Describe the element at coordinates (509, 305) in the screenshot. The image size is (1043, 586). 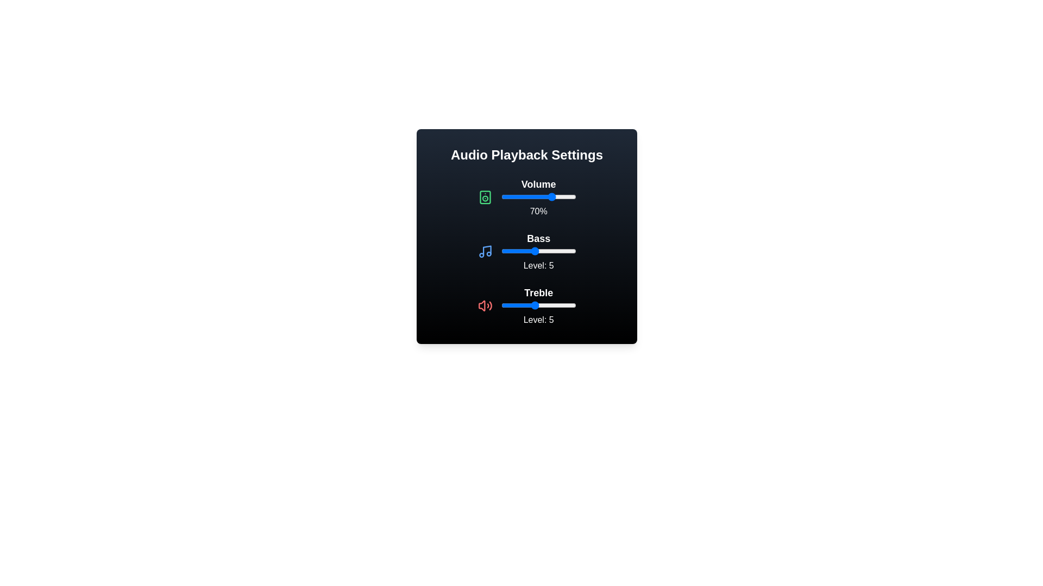
I see `the treble level` at that location.